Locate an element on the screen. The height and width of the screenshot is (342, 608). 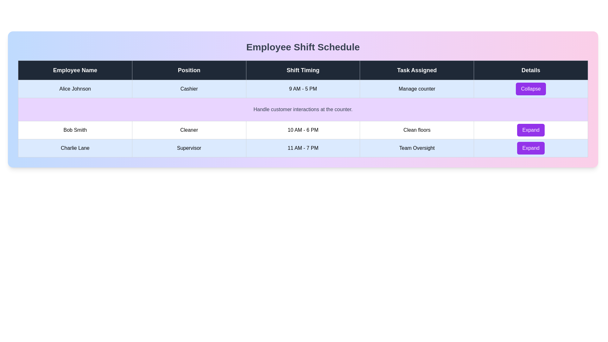
the purple button with white text that reads 'Expand' located in the 'Details' column of the 'Employee Shift Schedule' table for employee 'Bob Smith' is located at coordinates (531, 130).